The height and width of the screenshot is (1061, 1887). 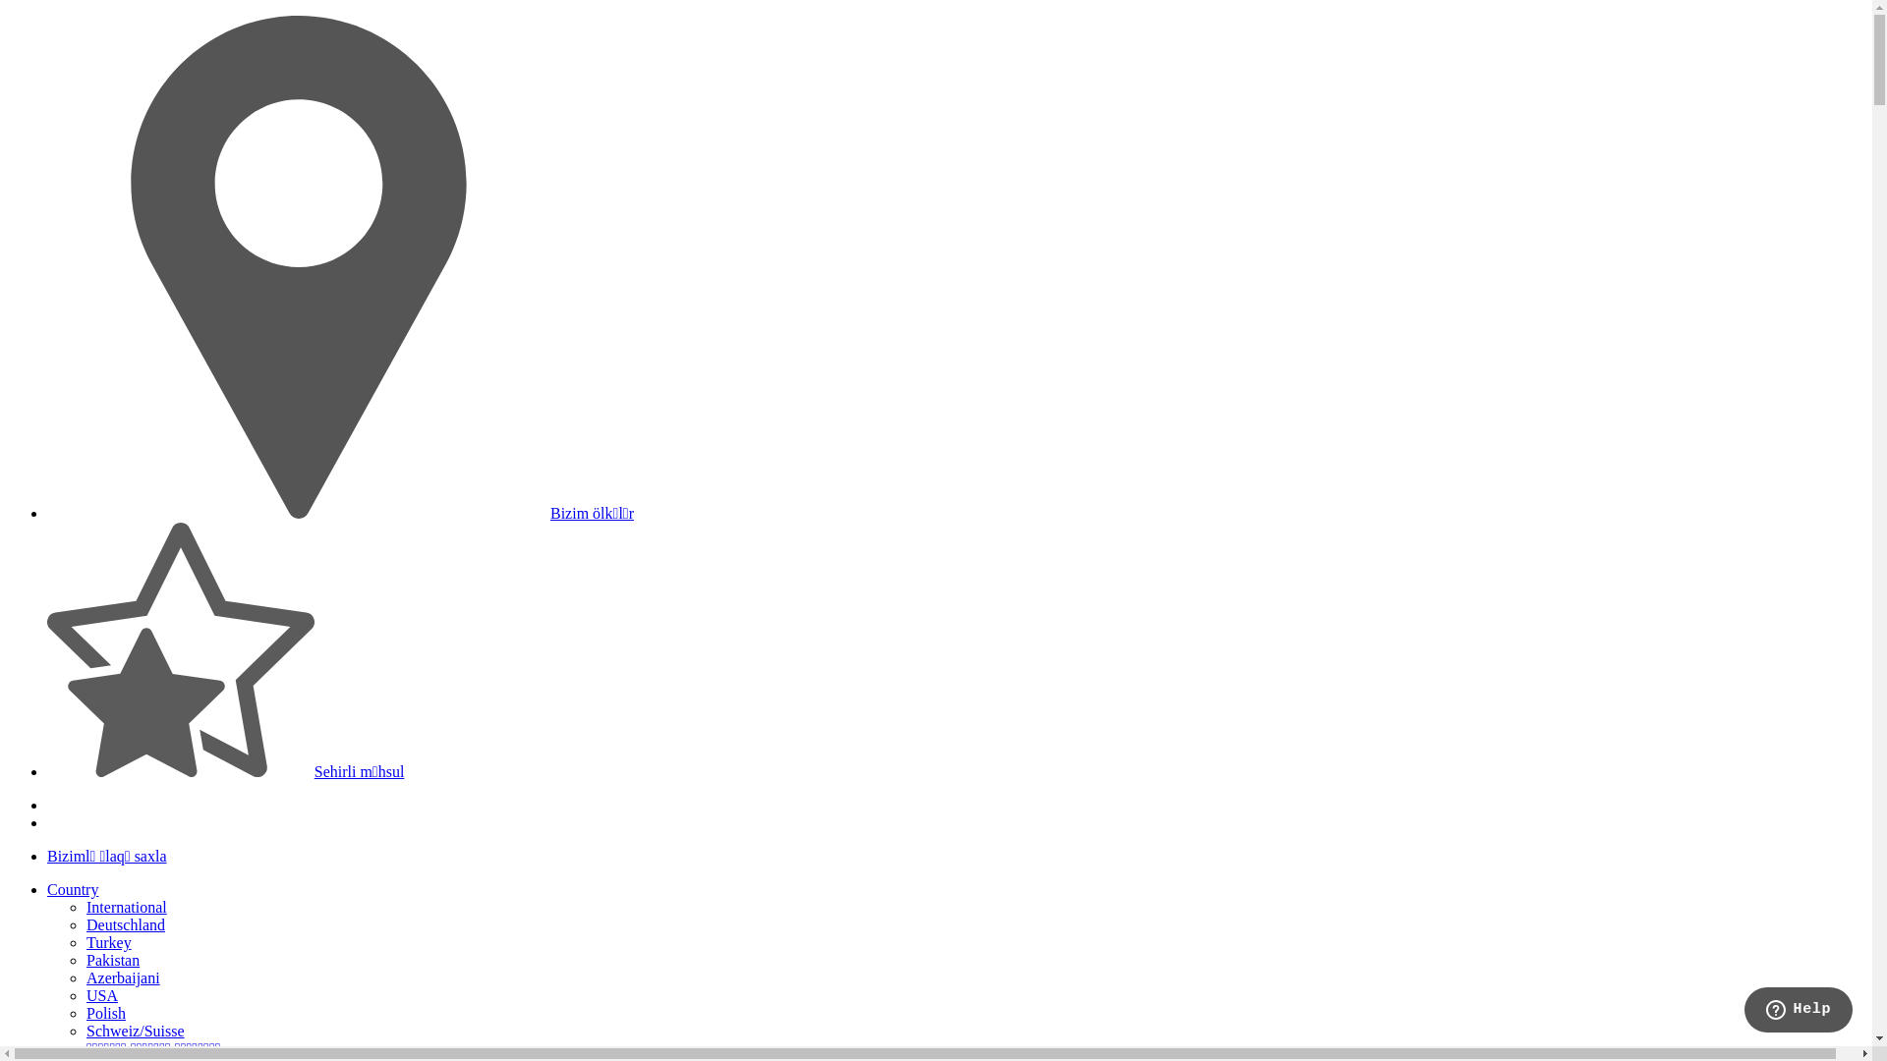 I want to click on 'Turkey', so click(x=107, y=941).